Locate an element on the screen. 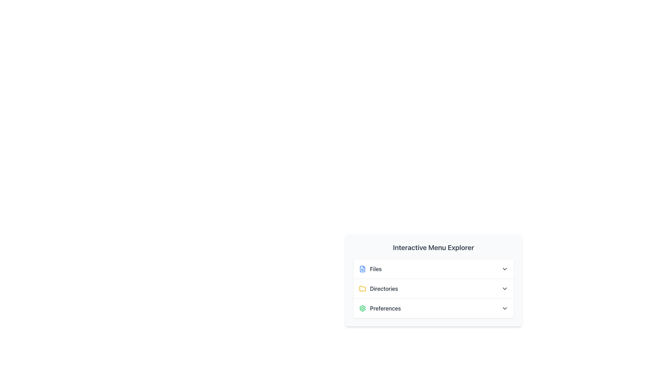  the 'Files' menu option with the file document icon is located at coordinates (370, 269).